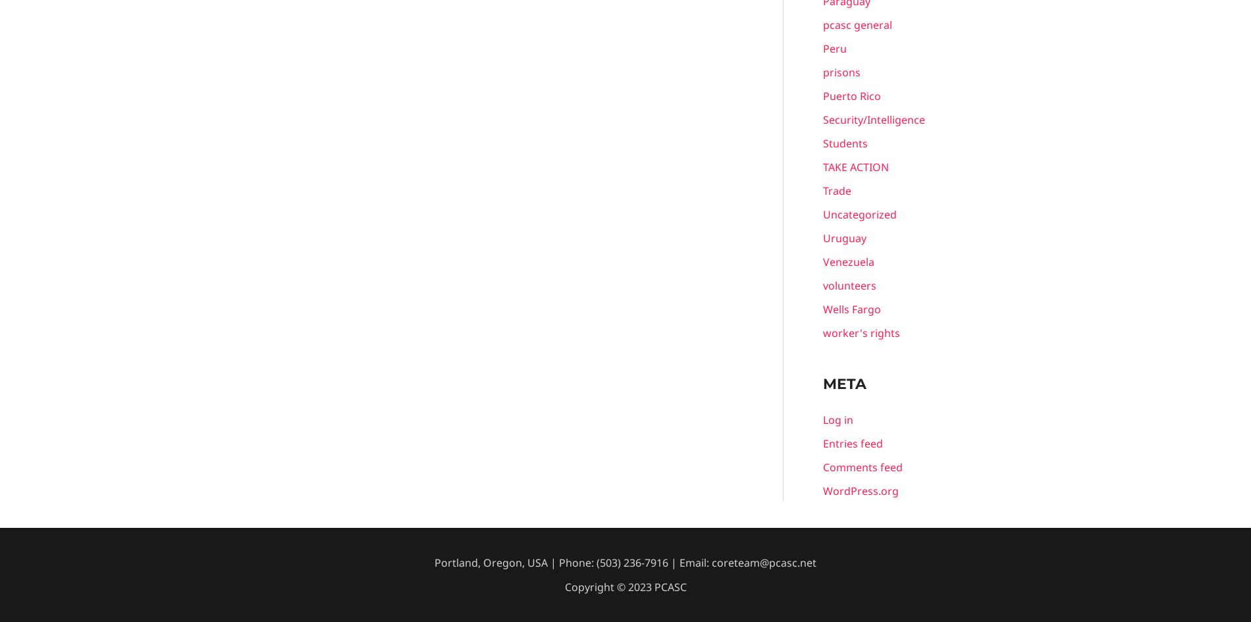  What do you see at coordinates (841, 71) in the screenshot?
I see `'prisons'` at bounding box center [841, 71].